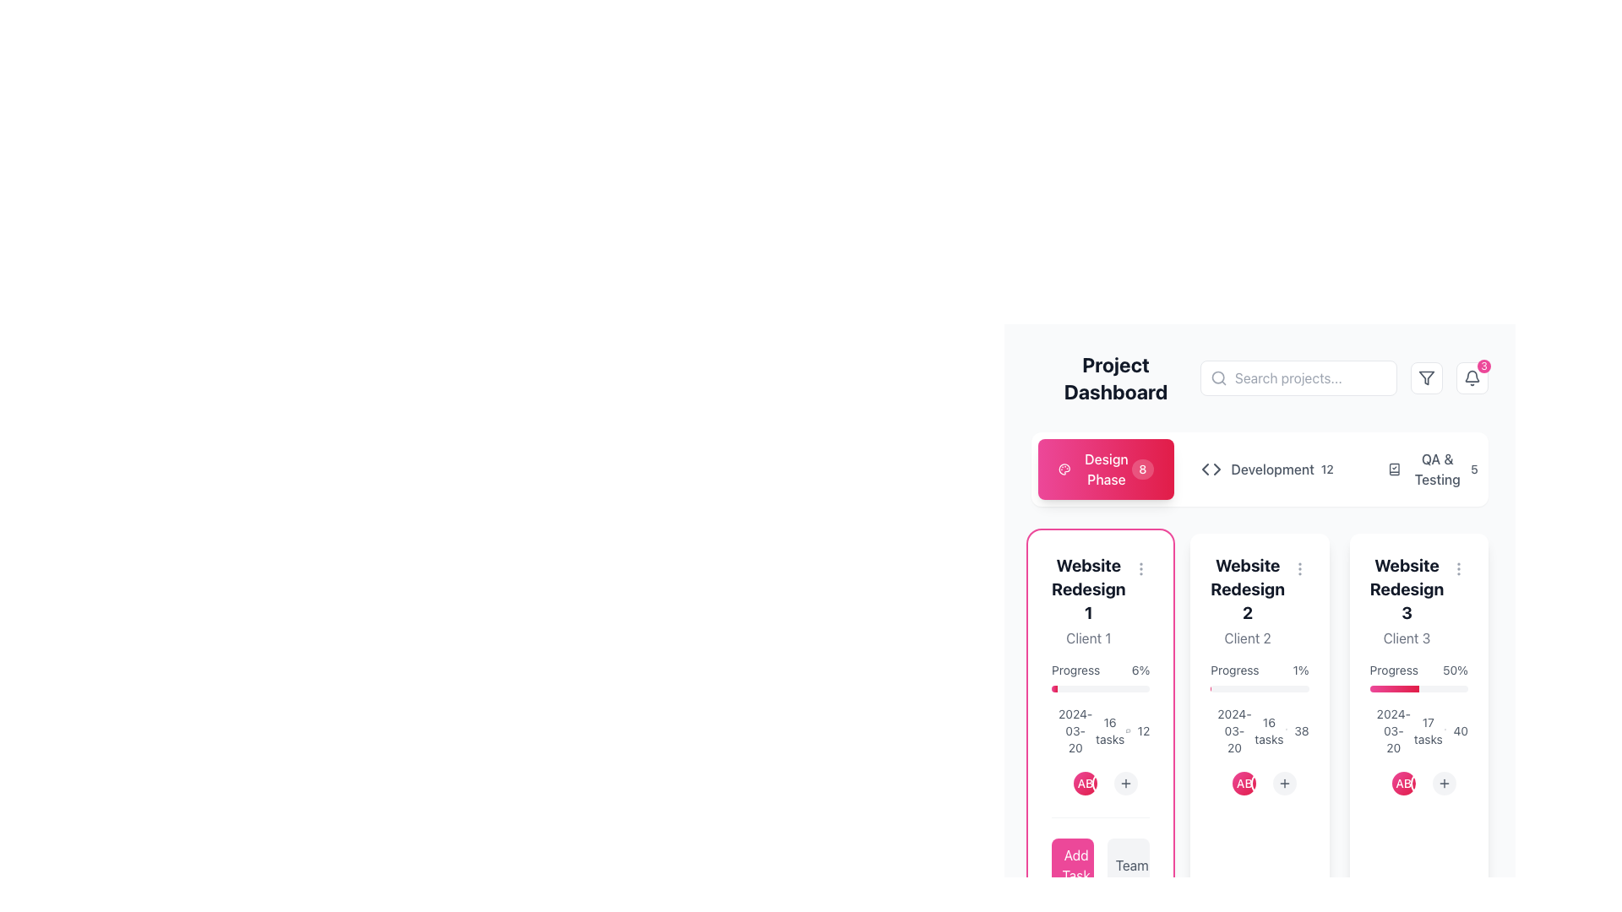  Describe the element at coordinates (1128, 730) in the screenshot. I see `the SVG-based icon representing comments/messages within the 'Website Redesign 1' project card, which indicates the presence of 12 comments` at that location.